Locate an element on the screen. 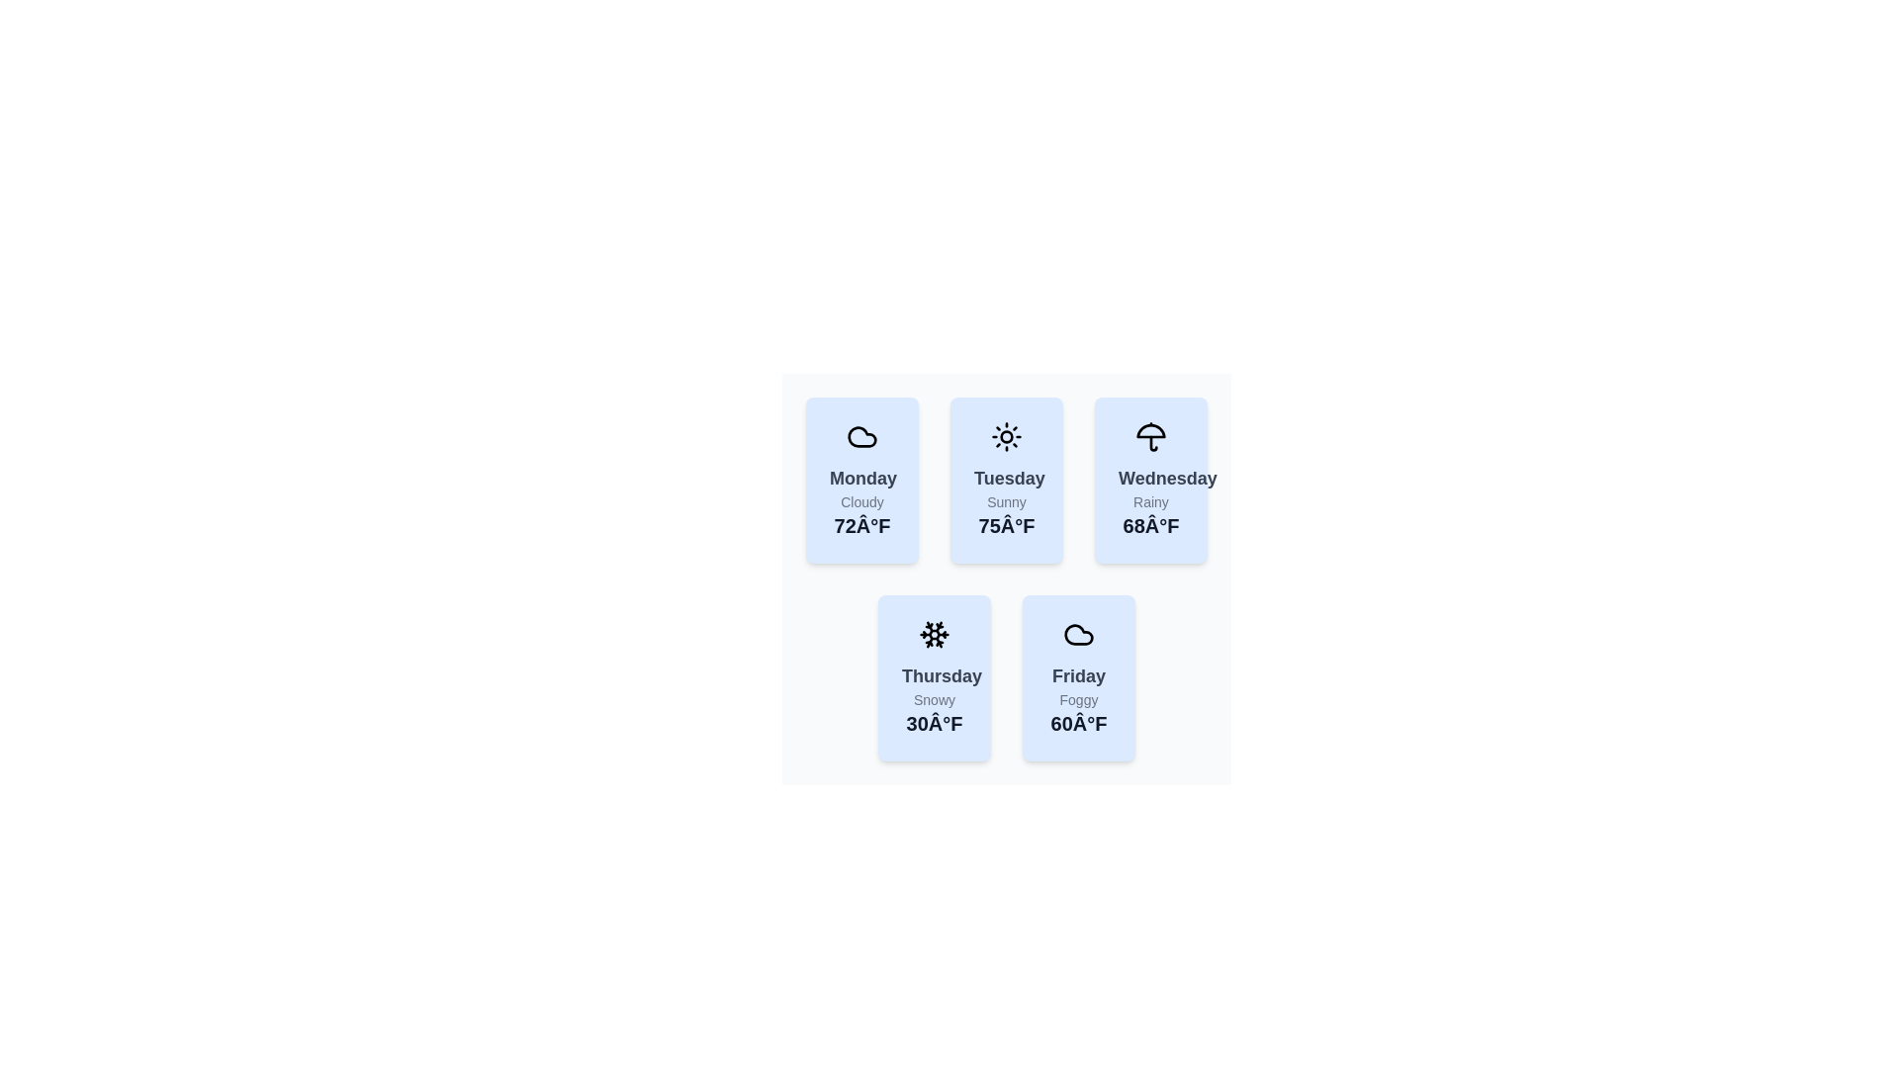 The height and width of the screenshot is (1068, 1899). the temperature display text label showing '75°F' in a weather forecast card for Tuesday is located at coordinates (1006, 525).